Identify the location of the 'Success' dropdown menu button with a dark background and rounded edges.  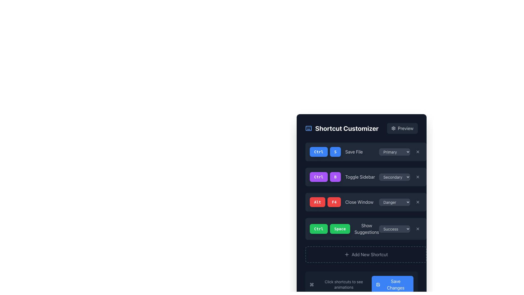
(400, 229).